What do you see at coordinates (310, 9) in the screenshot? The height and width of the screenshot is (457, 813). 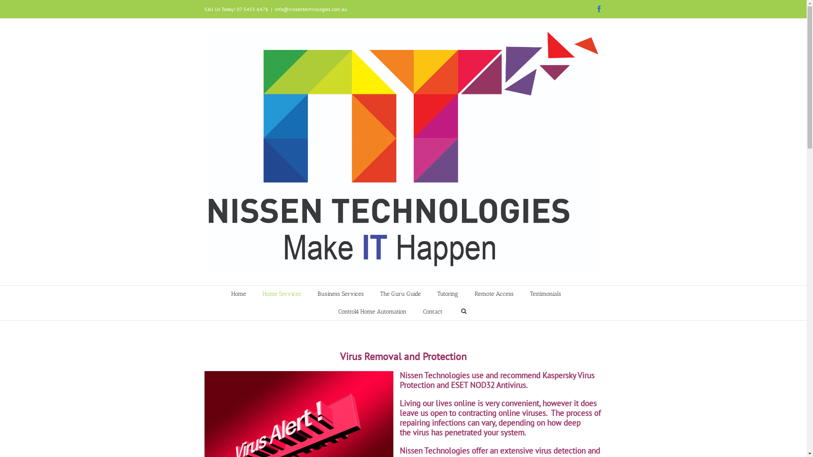 I see `'info@nissentechnologies.com.au'` at bounding box center [310, 9].